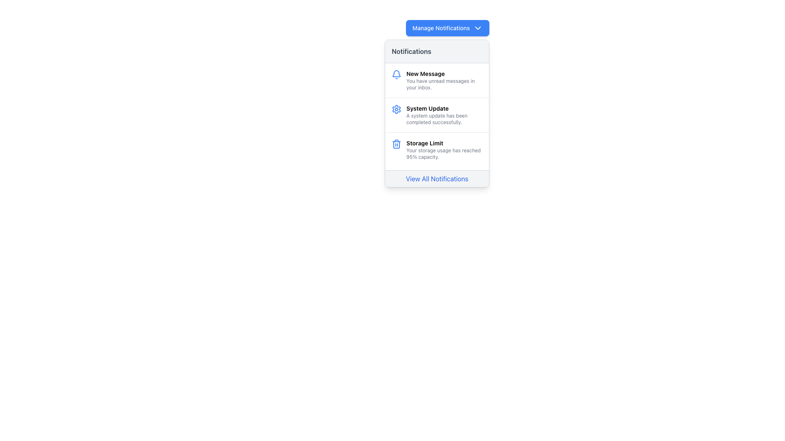 This screenshot has height=441, width=785. What do you see at coordinates (444, 154) in the screenshot?
I see `information displayed in the text label that shows 'Your storage usage has reached 95% capacity.' which is located below the 'Storage Limit' label within the notification card` at bounding box center [444, 154].